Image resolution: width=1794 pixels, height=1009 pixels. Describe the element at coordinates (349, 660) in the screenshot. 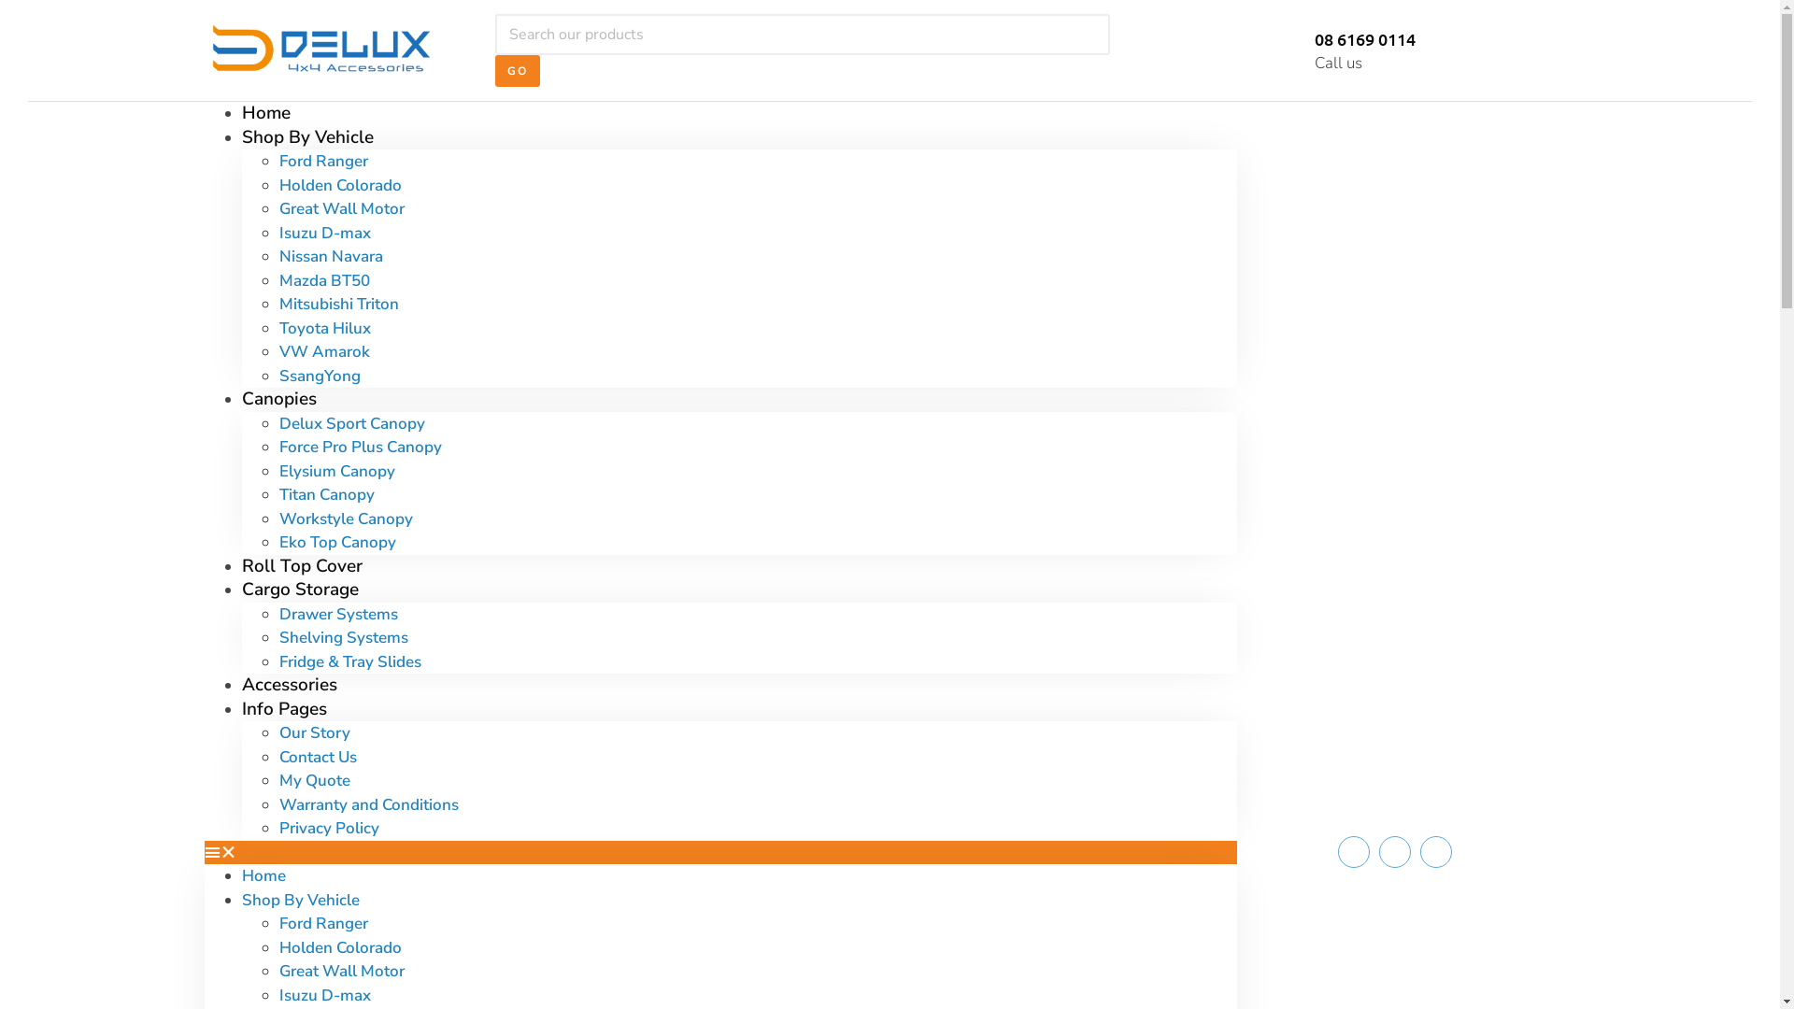

I see `'Fridge & Tray Slides'` at that location.